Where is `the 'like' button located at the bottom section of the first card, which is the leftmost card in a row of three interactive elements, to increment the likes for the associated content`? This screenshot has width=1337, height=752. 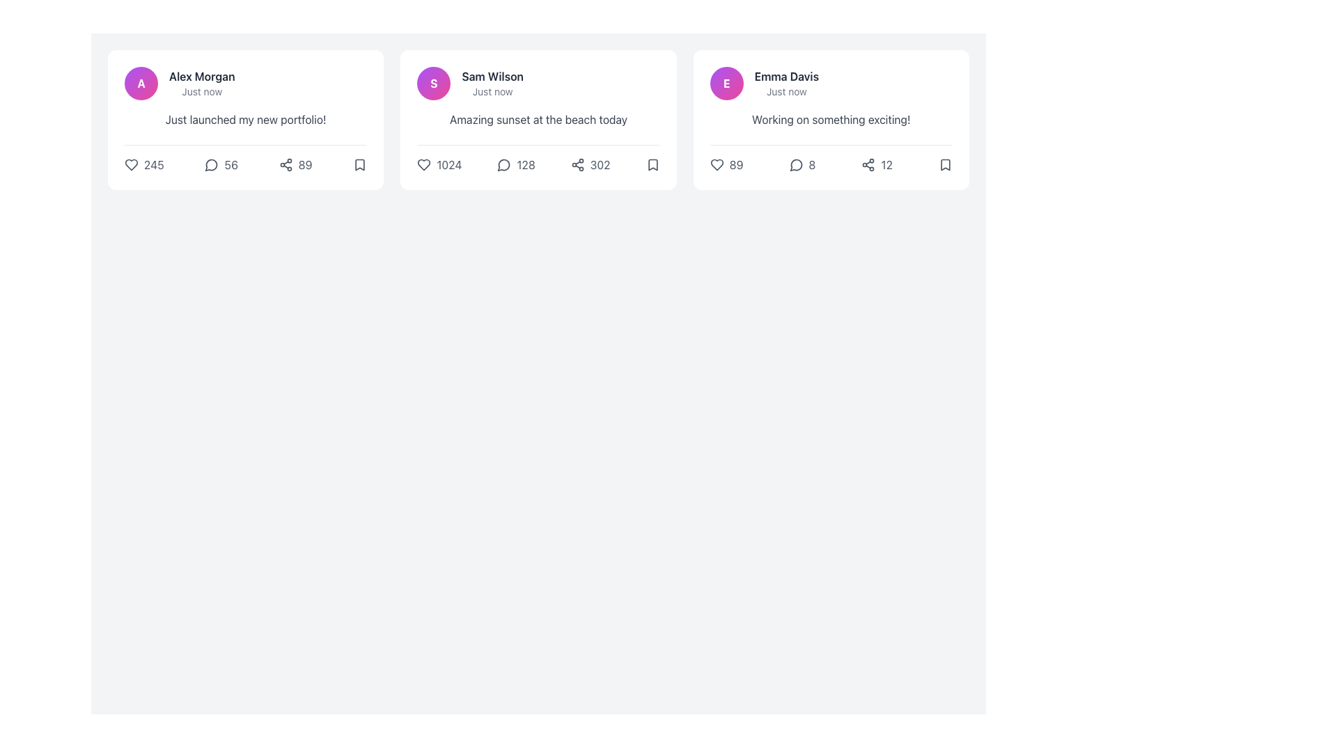 the 'like' button located at the bottom section of the first card, which is the leftmost card in a row of three interactive elements, to increment the likes for the associated content is located at coordinates (144, 164).